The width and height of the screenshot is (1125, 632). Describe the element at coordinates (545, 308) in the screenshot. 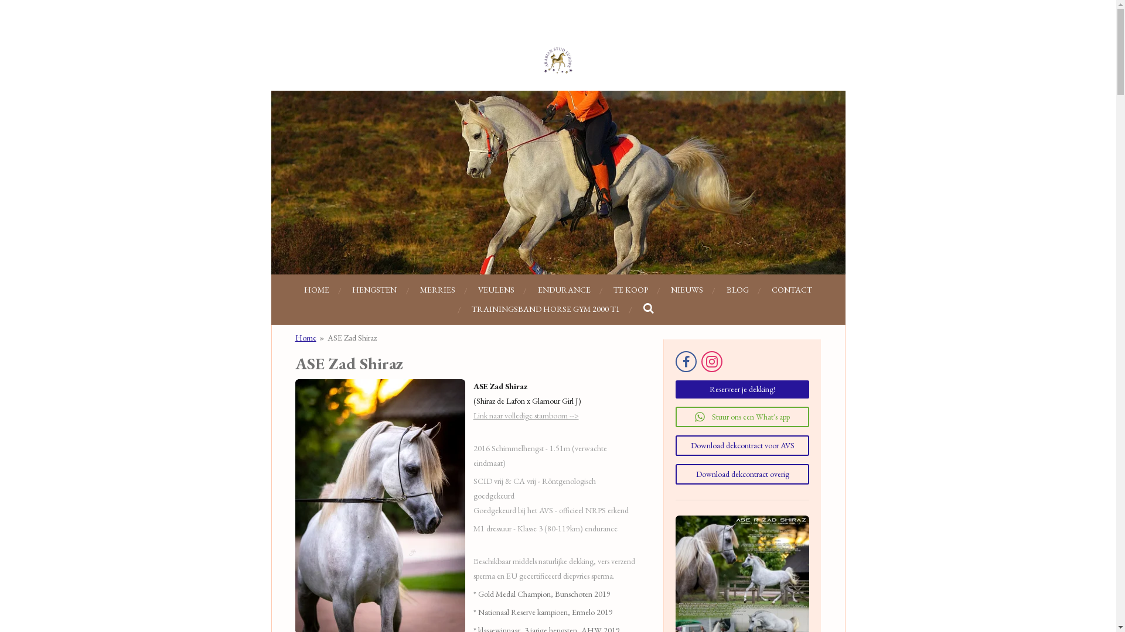

I see `'TRAININGSBAND HORSE GYM 2000 T1'` at that location.